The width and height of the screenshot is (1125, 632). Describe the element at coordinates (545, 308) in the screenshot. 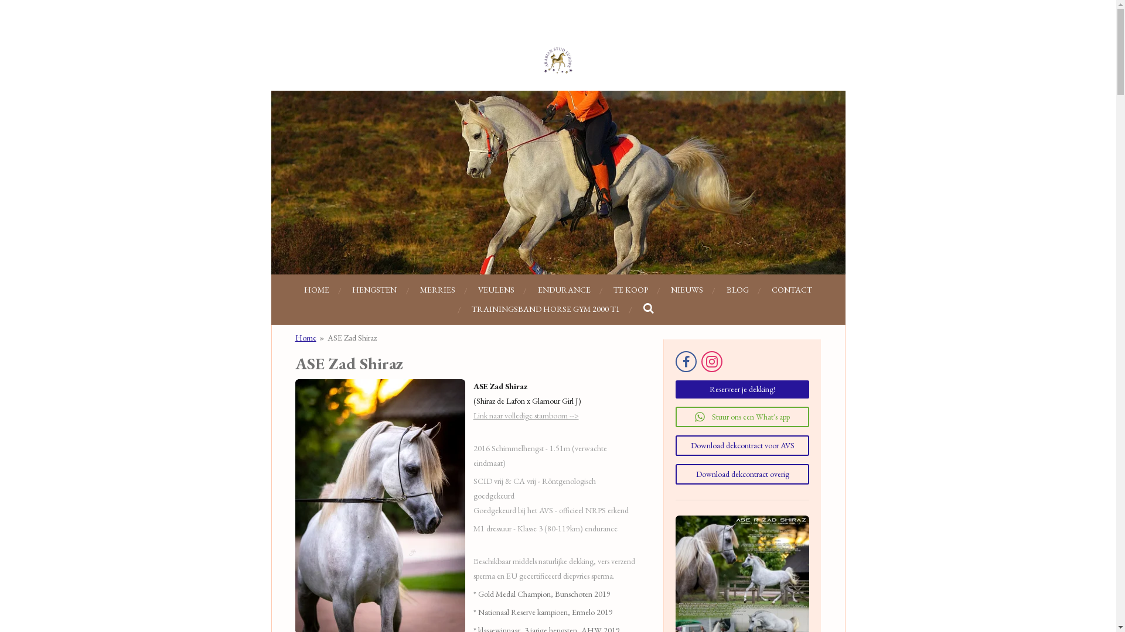

I see `'TRAININGSBAND HORSE GYM 2000 T1'` at that location.